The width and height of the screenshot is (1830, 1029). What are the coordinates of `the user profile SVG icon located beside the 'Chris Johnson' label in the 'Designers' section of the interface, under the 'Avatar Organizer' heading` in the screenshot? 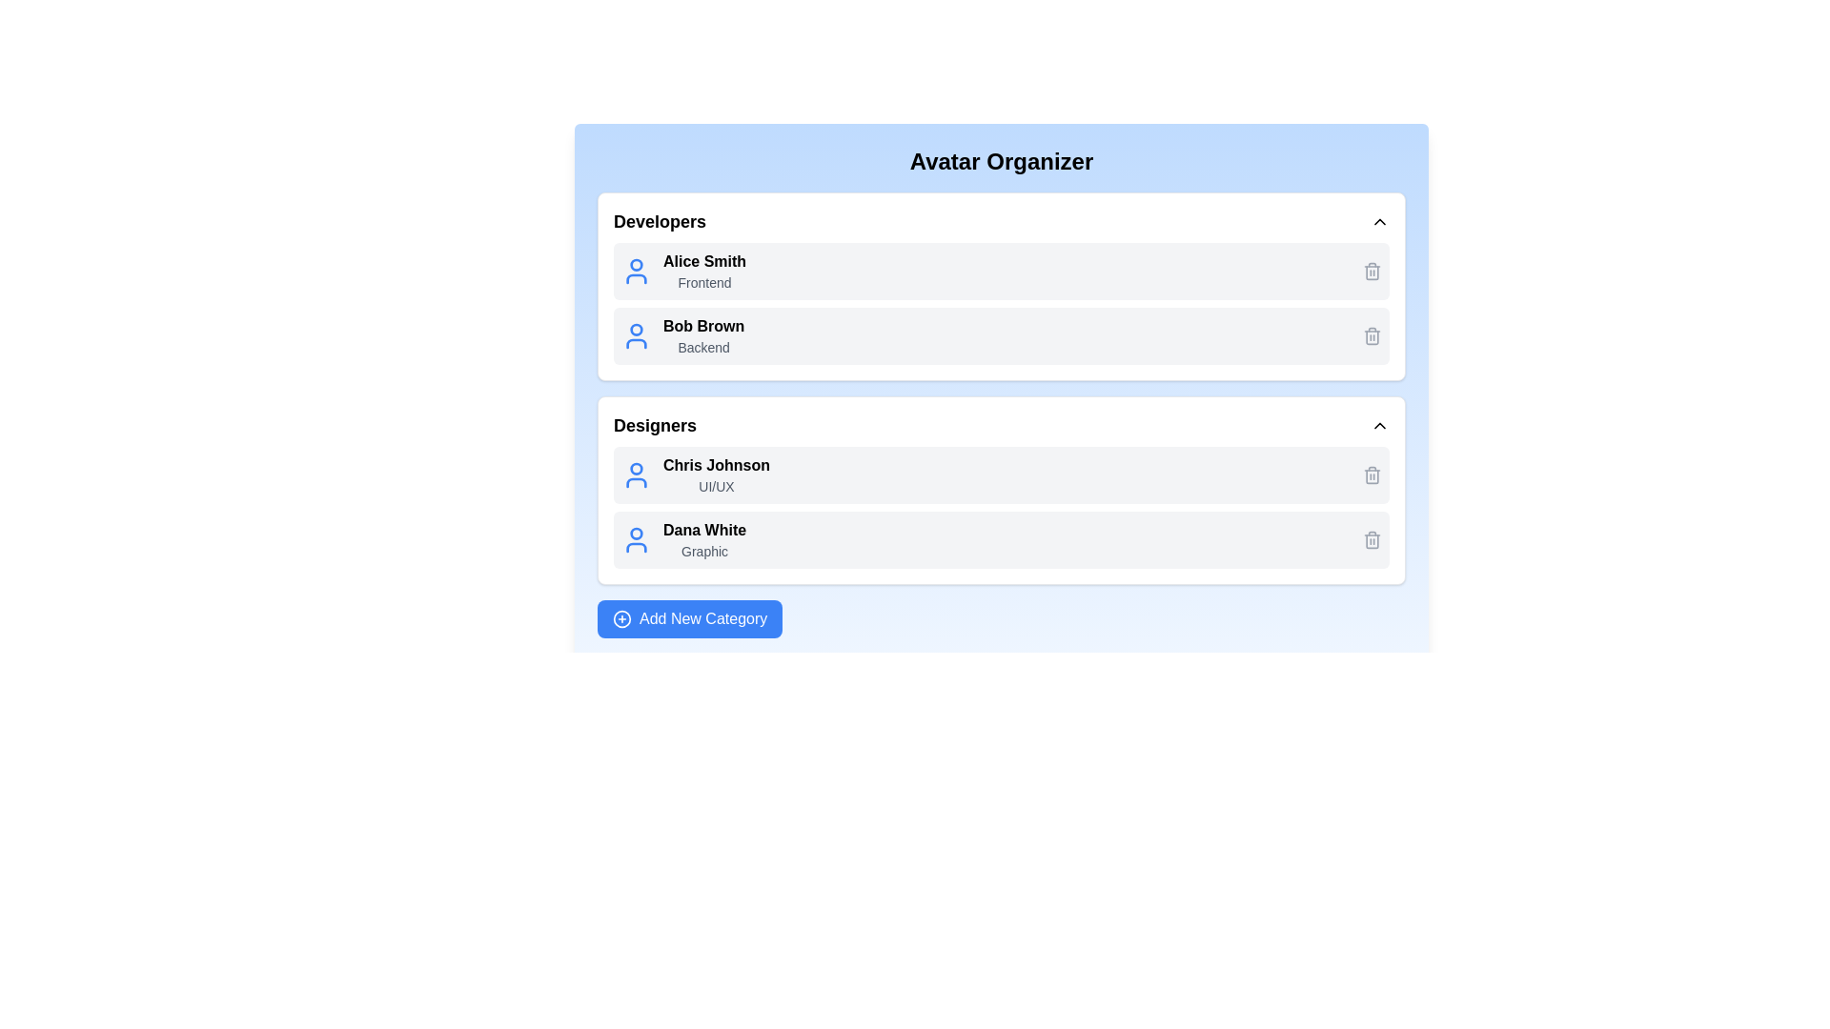 It's located at (636, 481).